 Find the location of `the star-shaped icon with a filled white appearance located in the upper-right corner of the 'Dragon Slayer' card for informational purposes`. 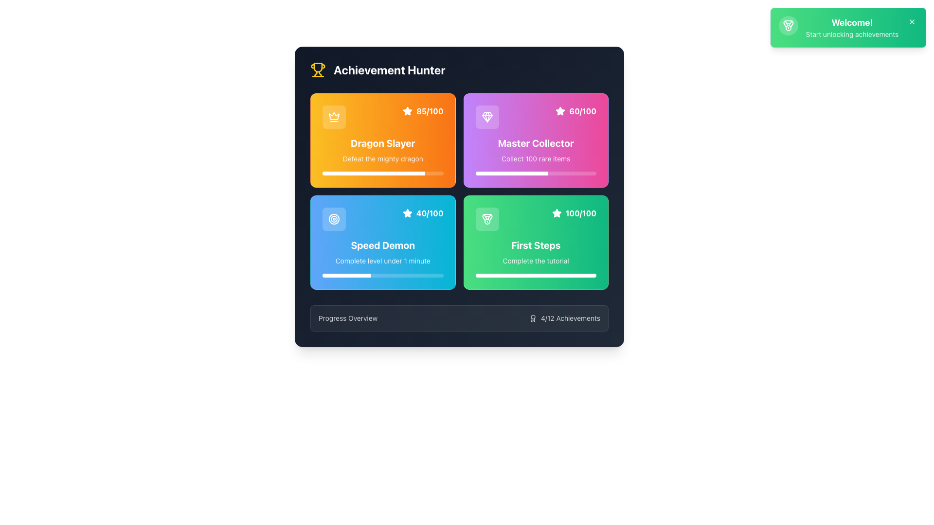

the star-shaped icon with a filled white appearance located in the upper-right corner of the 'Dragon Slayer' card for informational purposes is located at coordinates (408, 110).